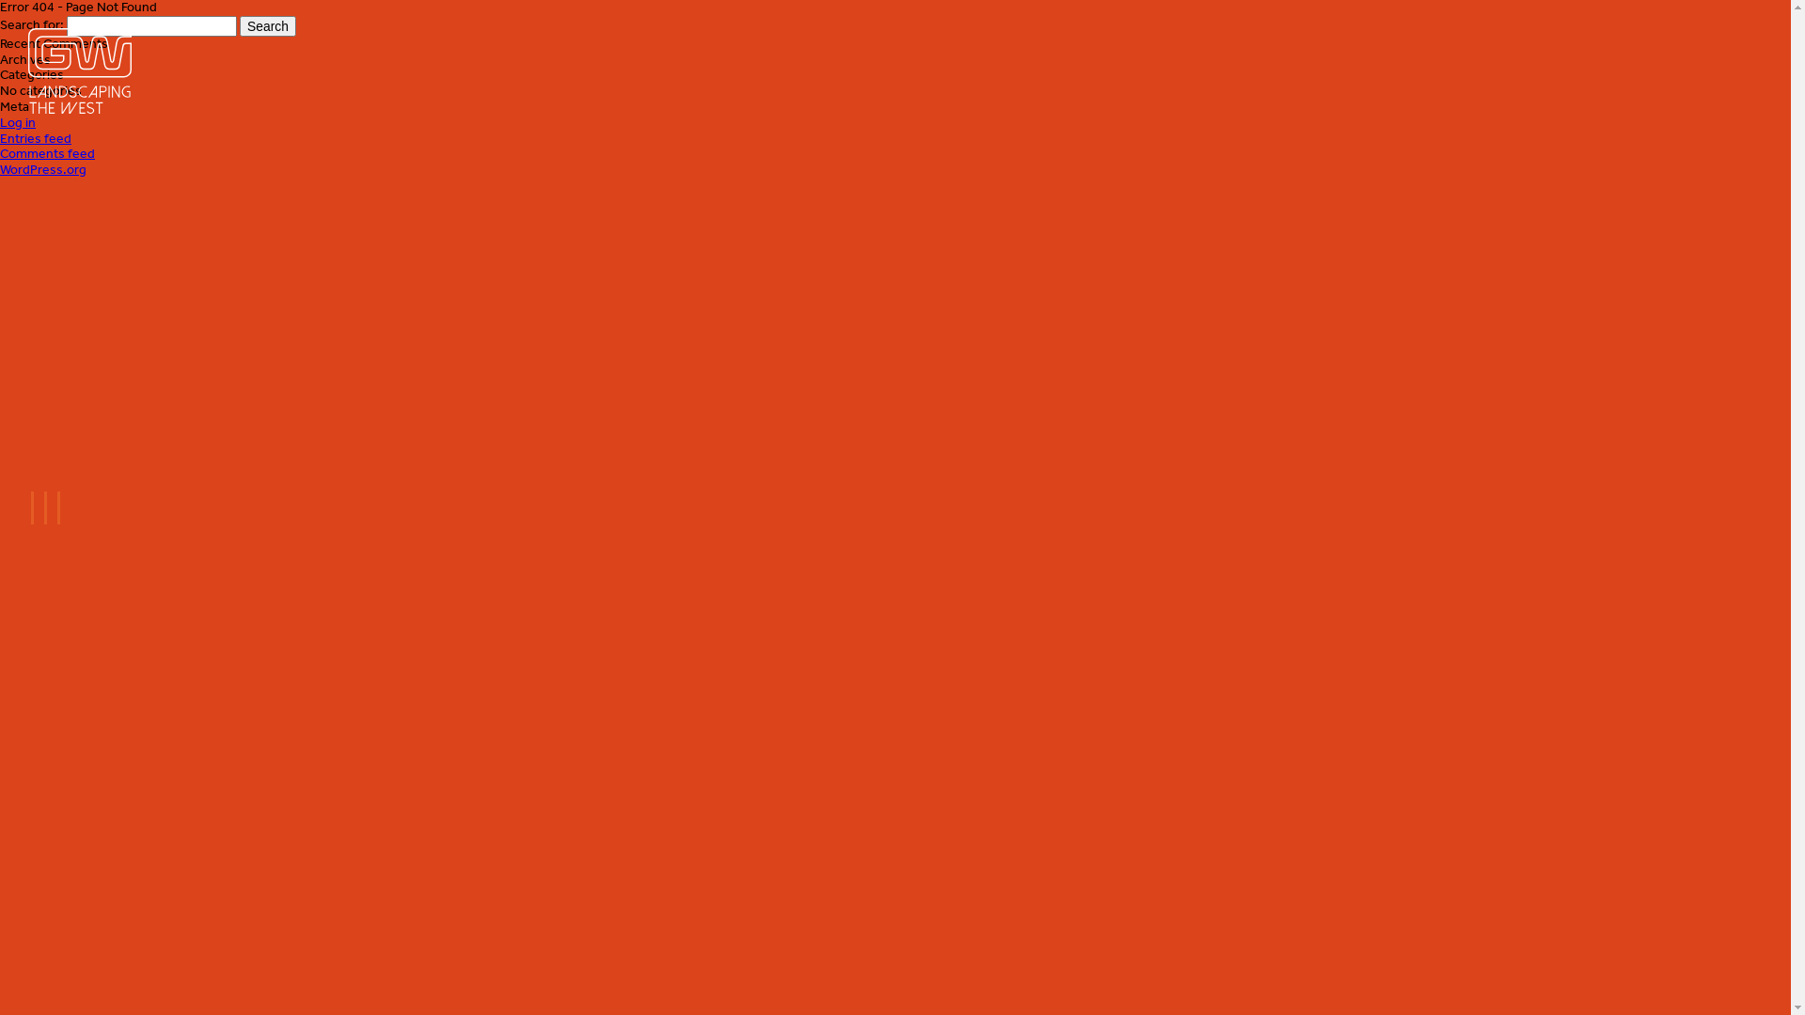 The height and width of the screenshot is (1015, 1805). I want to click on 'Log in', so click(18, 122).